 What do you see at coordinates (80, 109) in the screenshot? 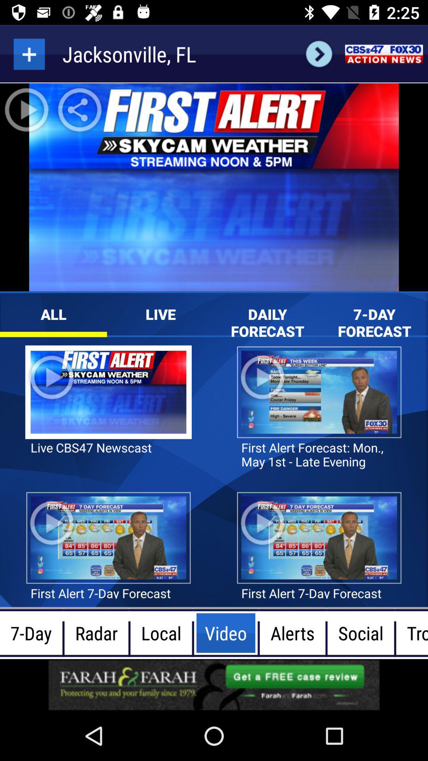
I see `the share icon` at bounding box center [80, 109].